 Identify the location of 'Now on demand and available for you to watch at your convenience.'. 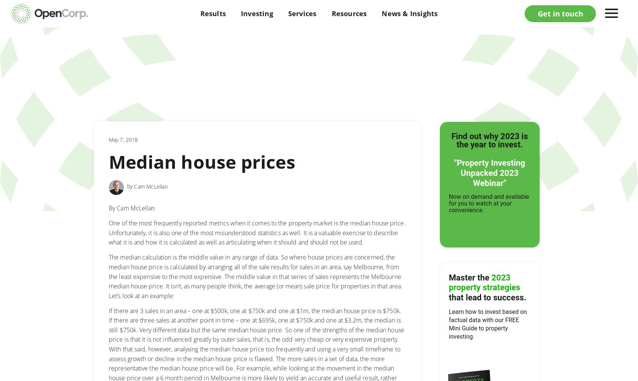
(448, 203).